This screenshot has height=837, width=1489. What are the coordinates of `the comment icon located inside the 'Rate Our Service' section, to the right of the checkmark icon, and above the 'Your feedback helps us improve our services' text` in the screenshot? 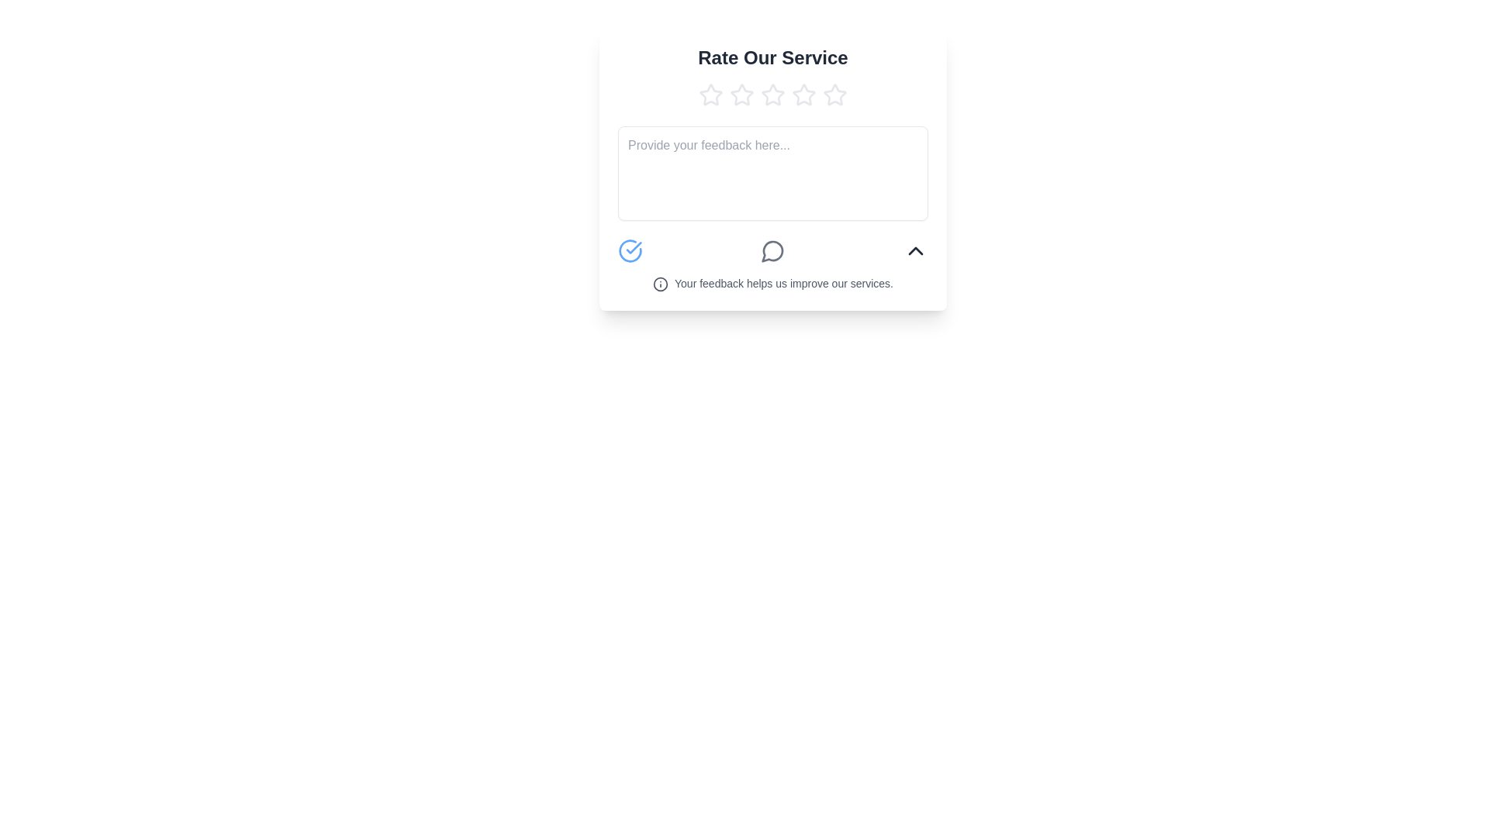 It's located at (772, 250).